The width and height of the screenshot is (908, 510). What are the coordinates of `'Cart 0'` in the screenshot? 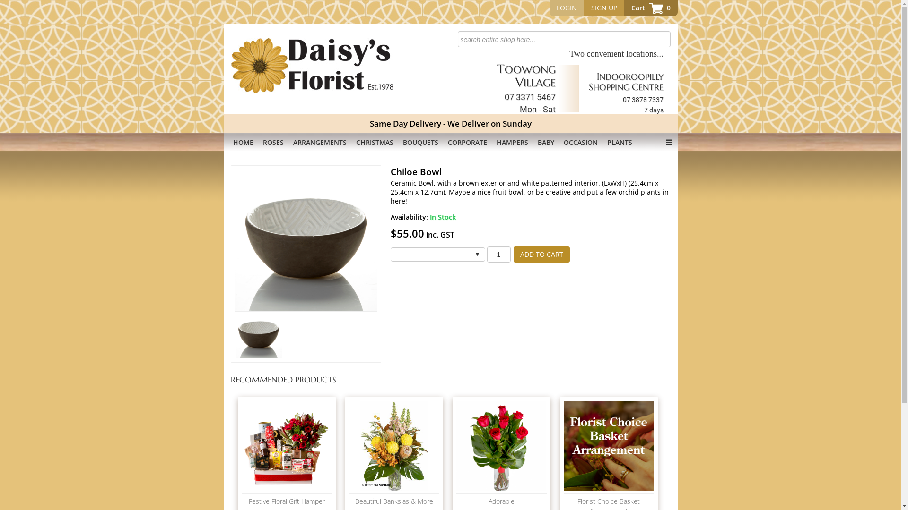 It's located at (650, 8).